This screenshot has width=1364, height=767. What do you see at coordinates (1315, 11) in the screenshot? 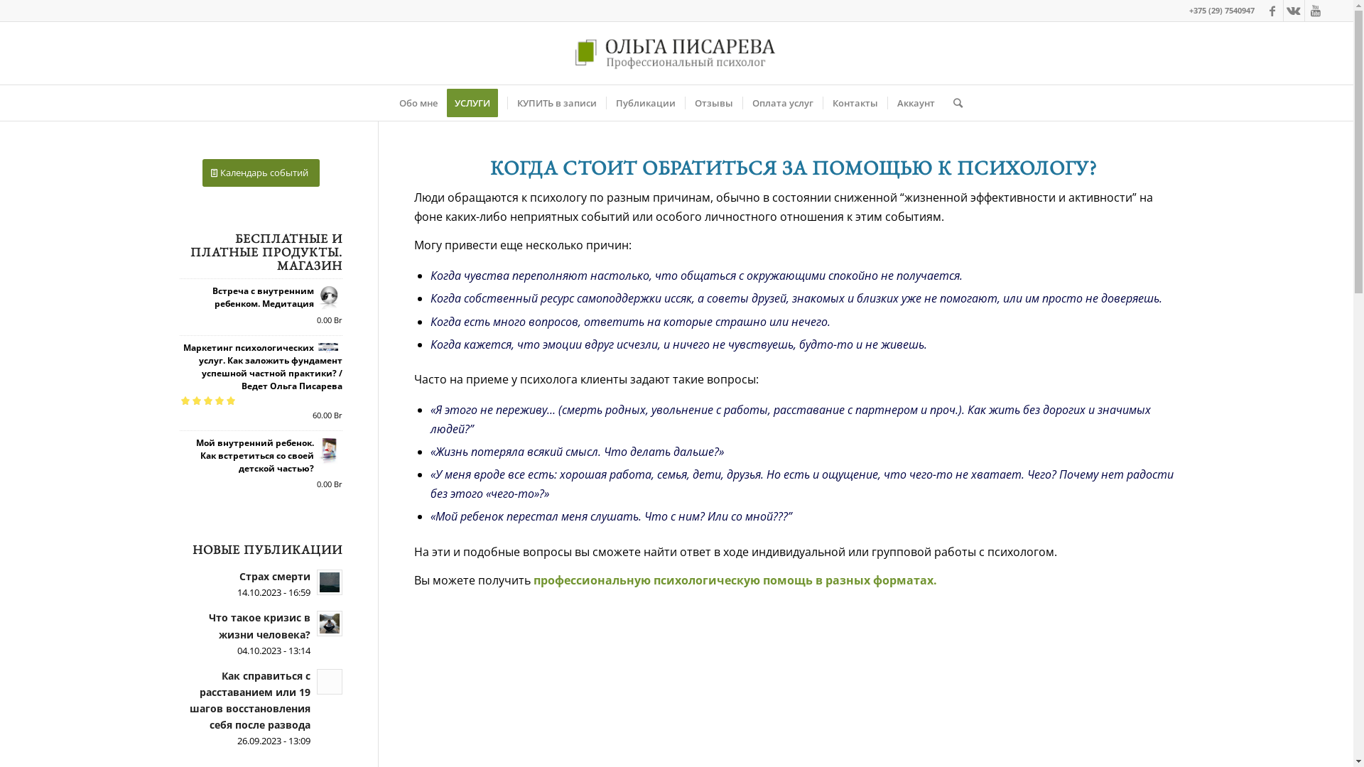
I see `'Youtube'` at bounding box center [1315, 11].